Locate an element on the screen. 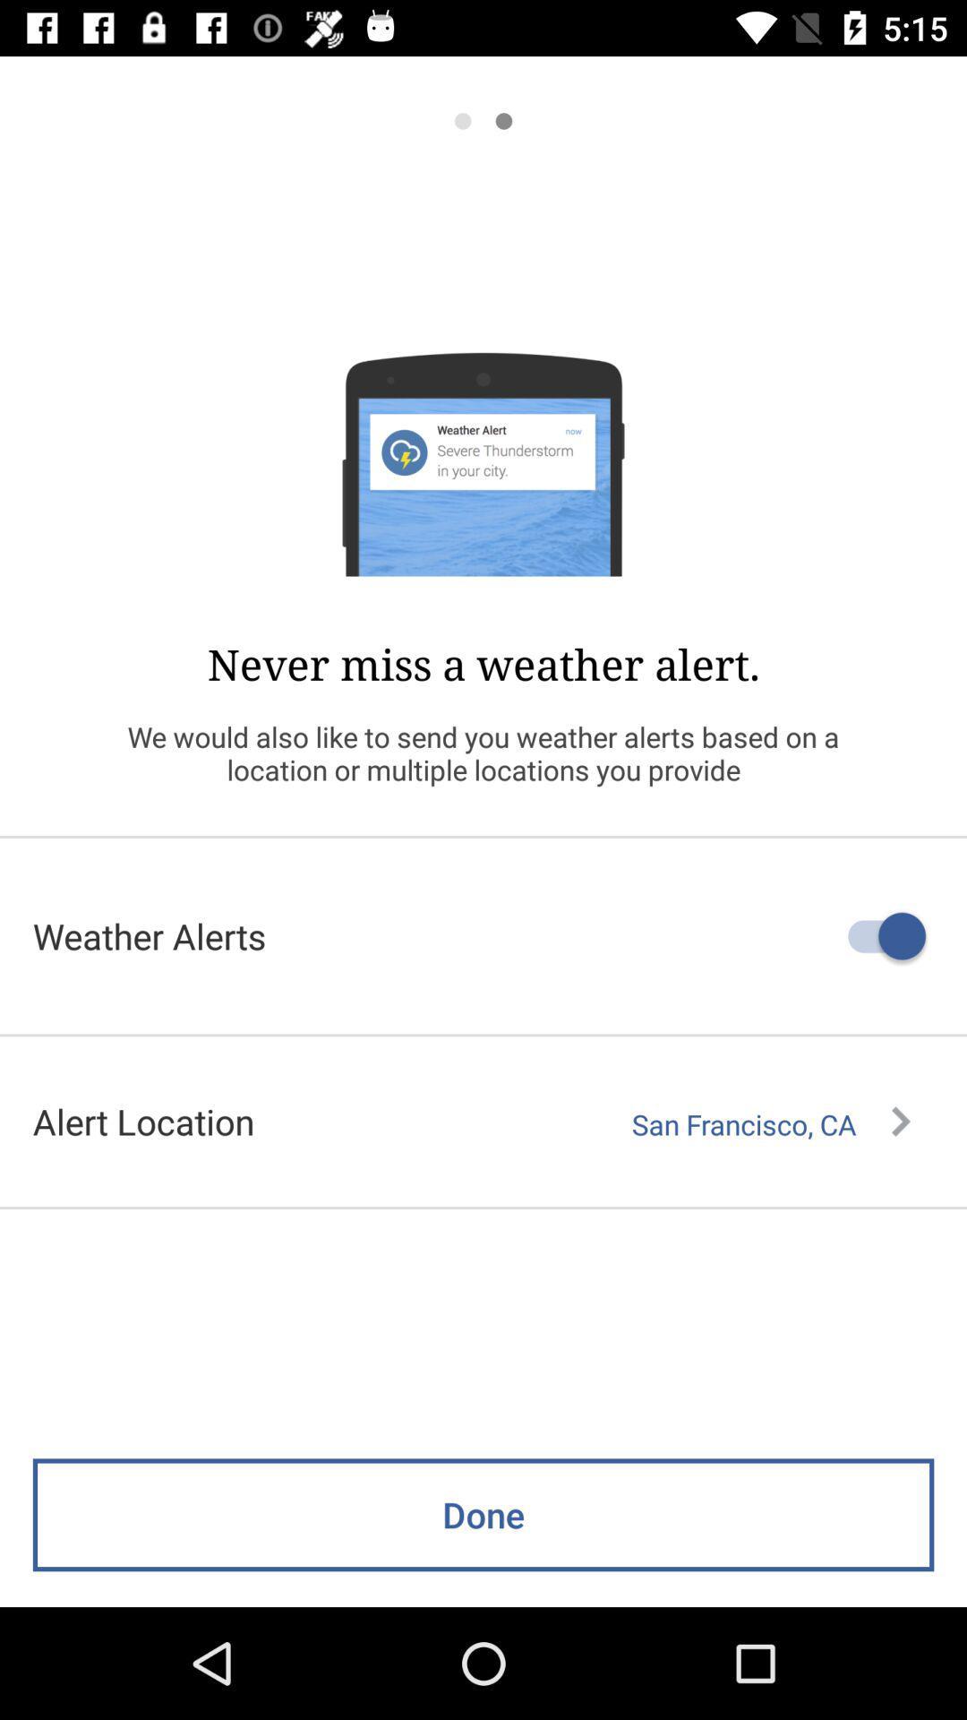 This screenshot has height=1720, width=967. done icon is located at coordinates (483, 1514).